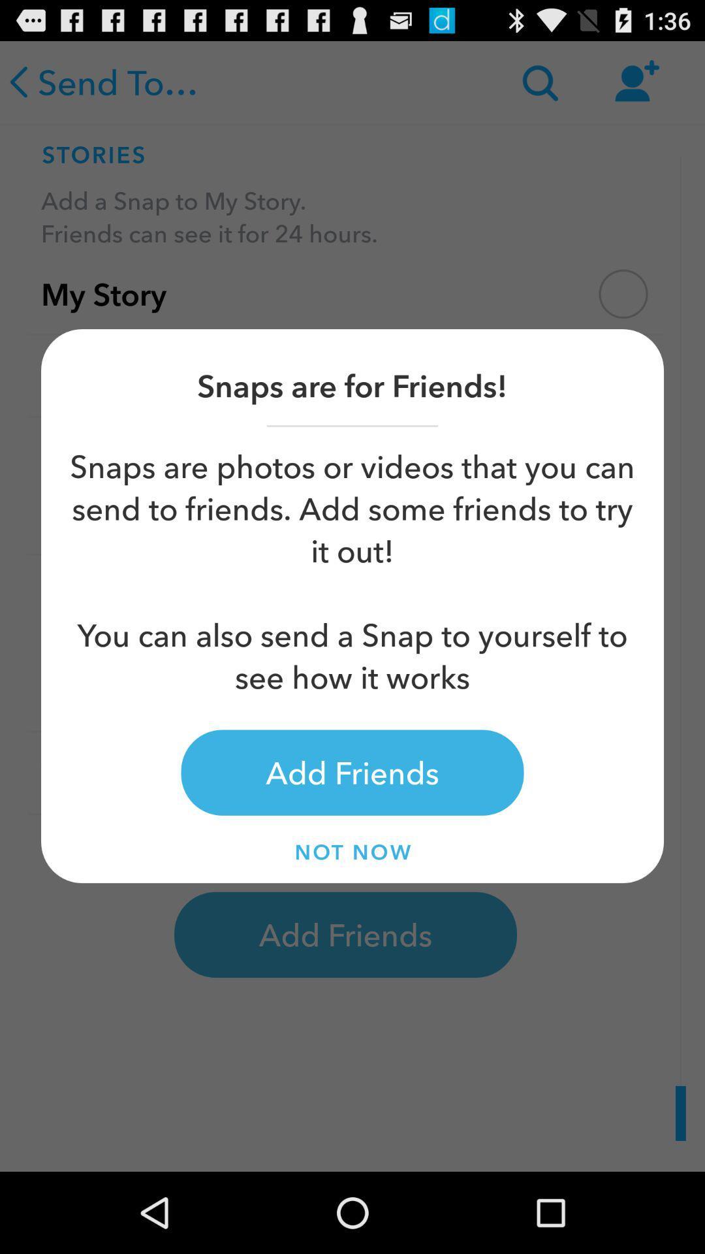 This screenshot has height=1254, width=705. I want to click on item below add friends item, so click(352, 852).